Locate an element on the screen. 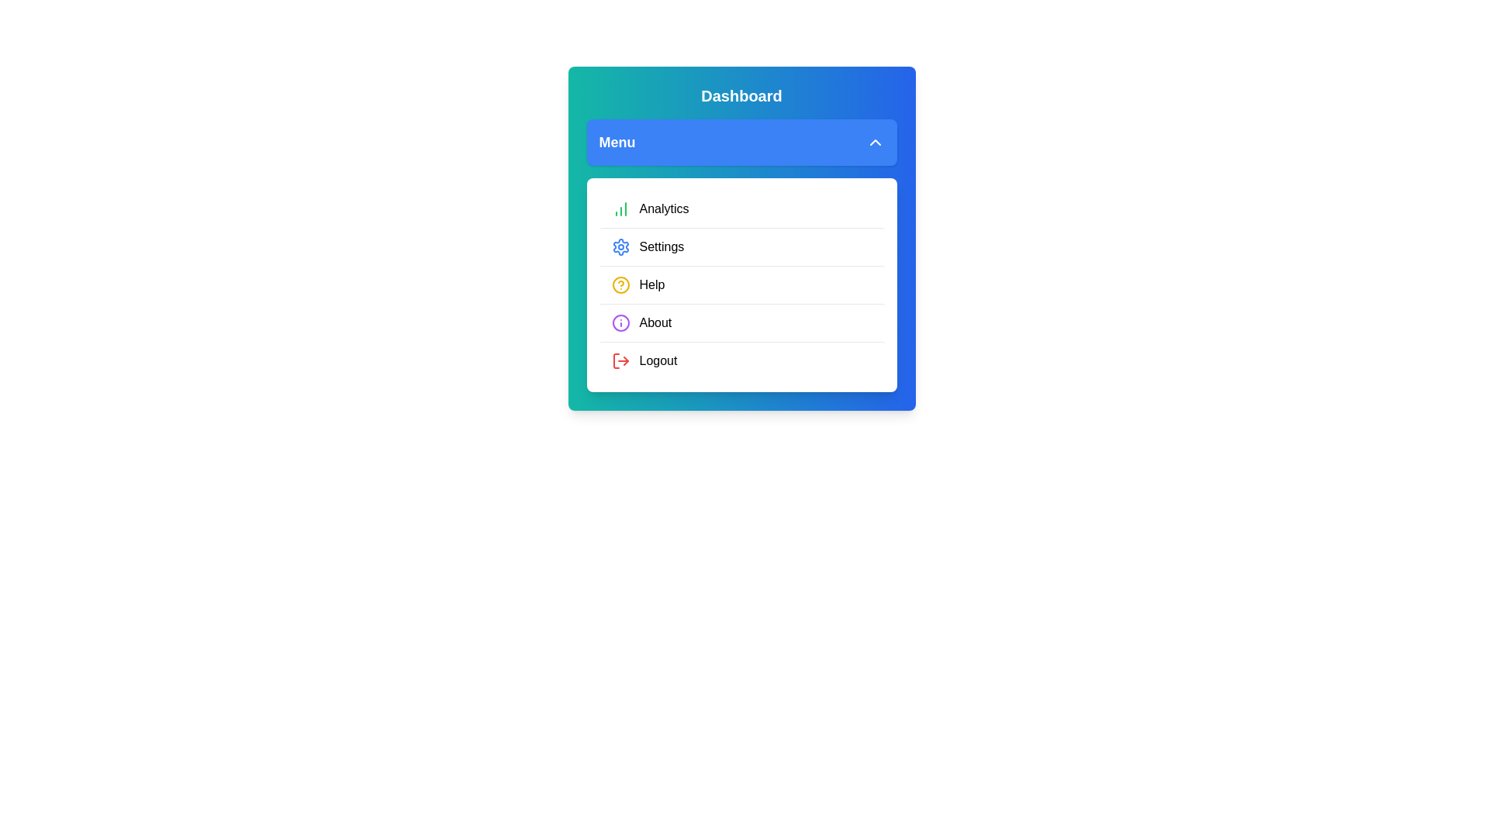 The width and height of the screenshot is (1489, 837). the Decorative icon (SVG element) that visually indicates the 'Settings' option in the dropdown menu of the dashboard interface is located at coordinates (620, 246).